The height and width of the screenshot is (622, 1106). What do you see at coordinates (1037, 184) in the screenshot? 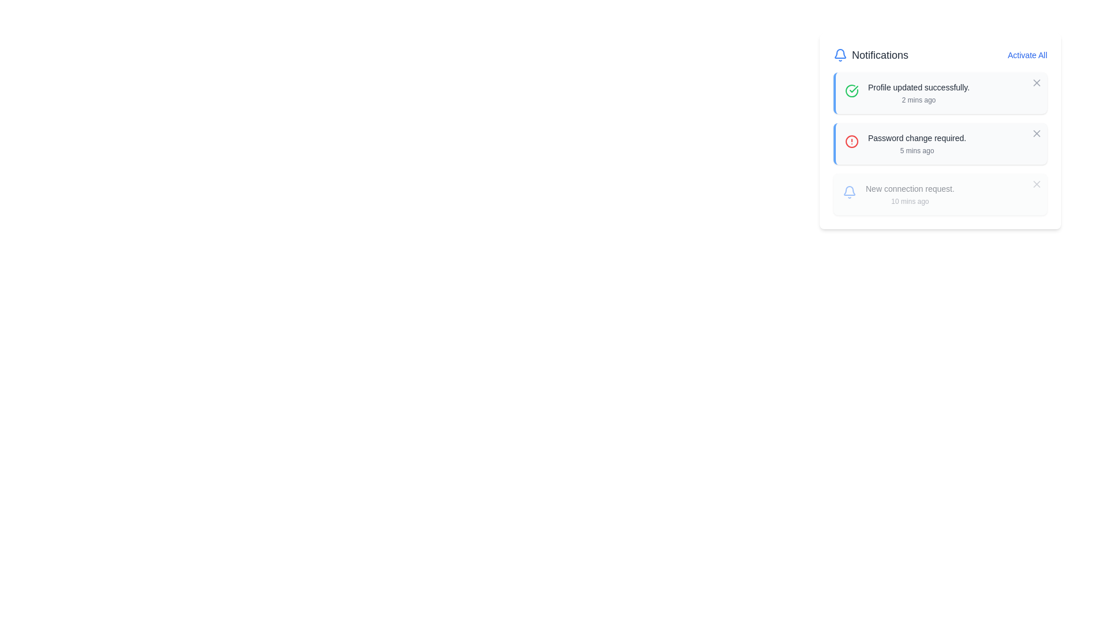
I see `the dismiss button located in the top-right corner of the notification box displaying 'New connection request. 10 mins ago.'` at bounding box center [1037, 184].